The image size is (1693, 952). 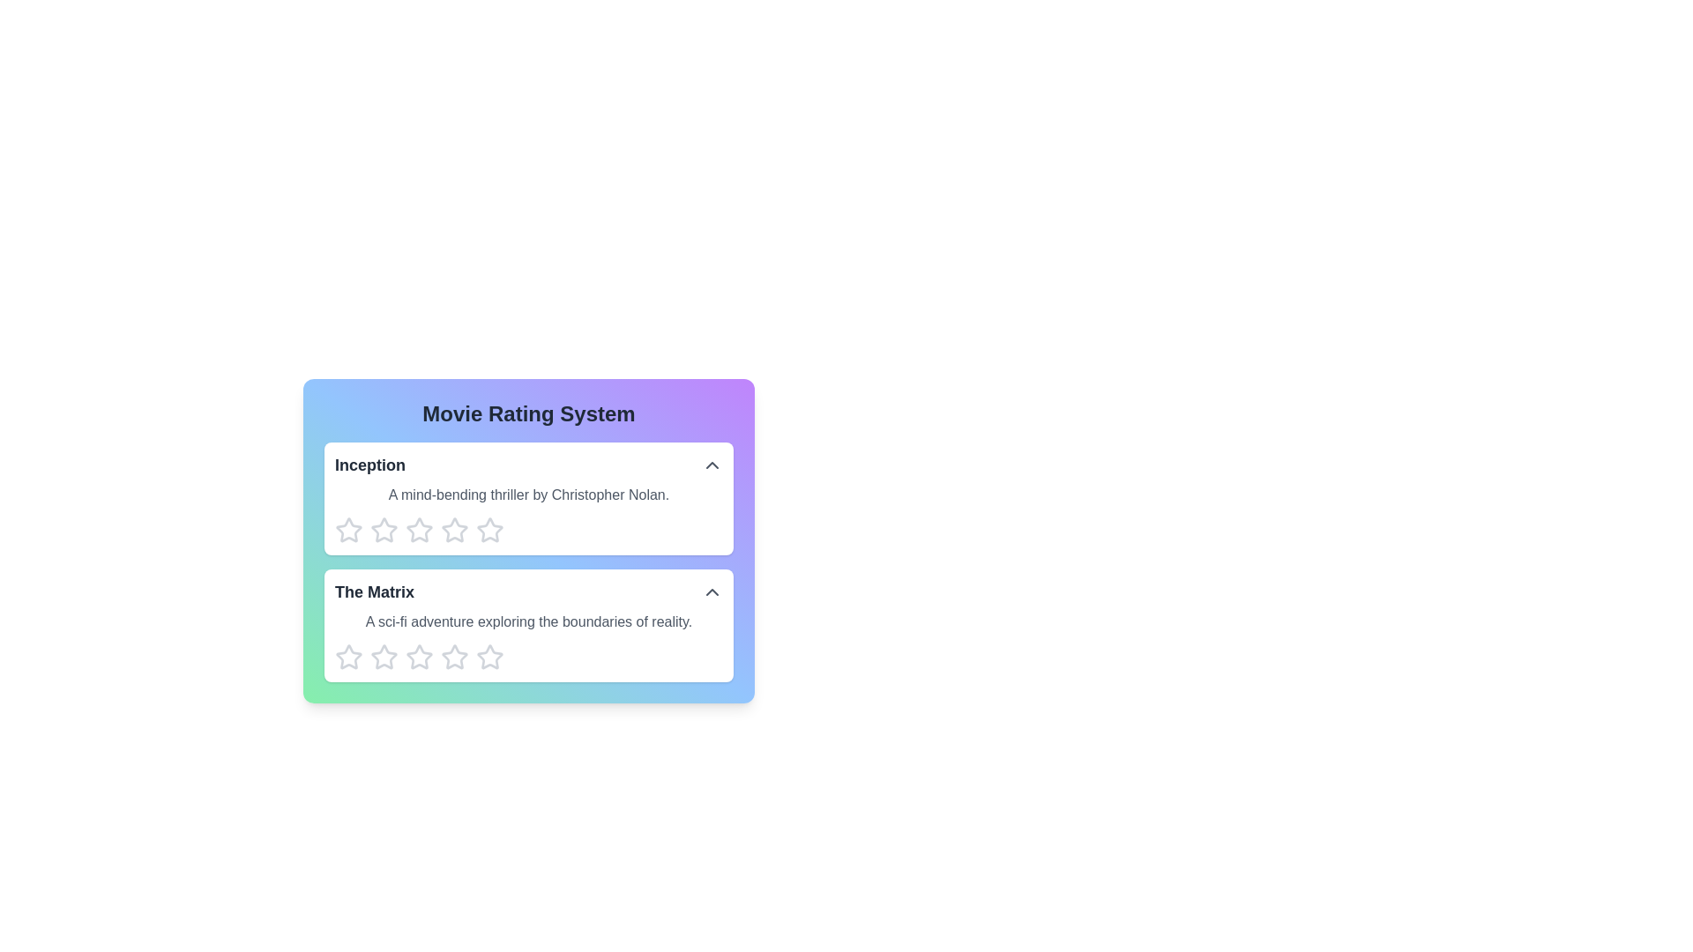 I want to click on the fourth star icon in the rating system for 'The Matrix', so click(x=490, y=657).